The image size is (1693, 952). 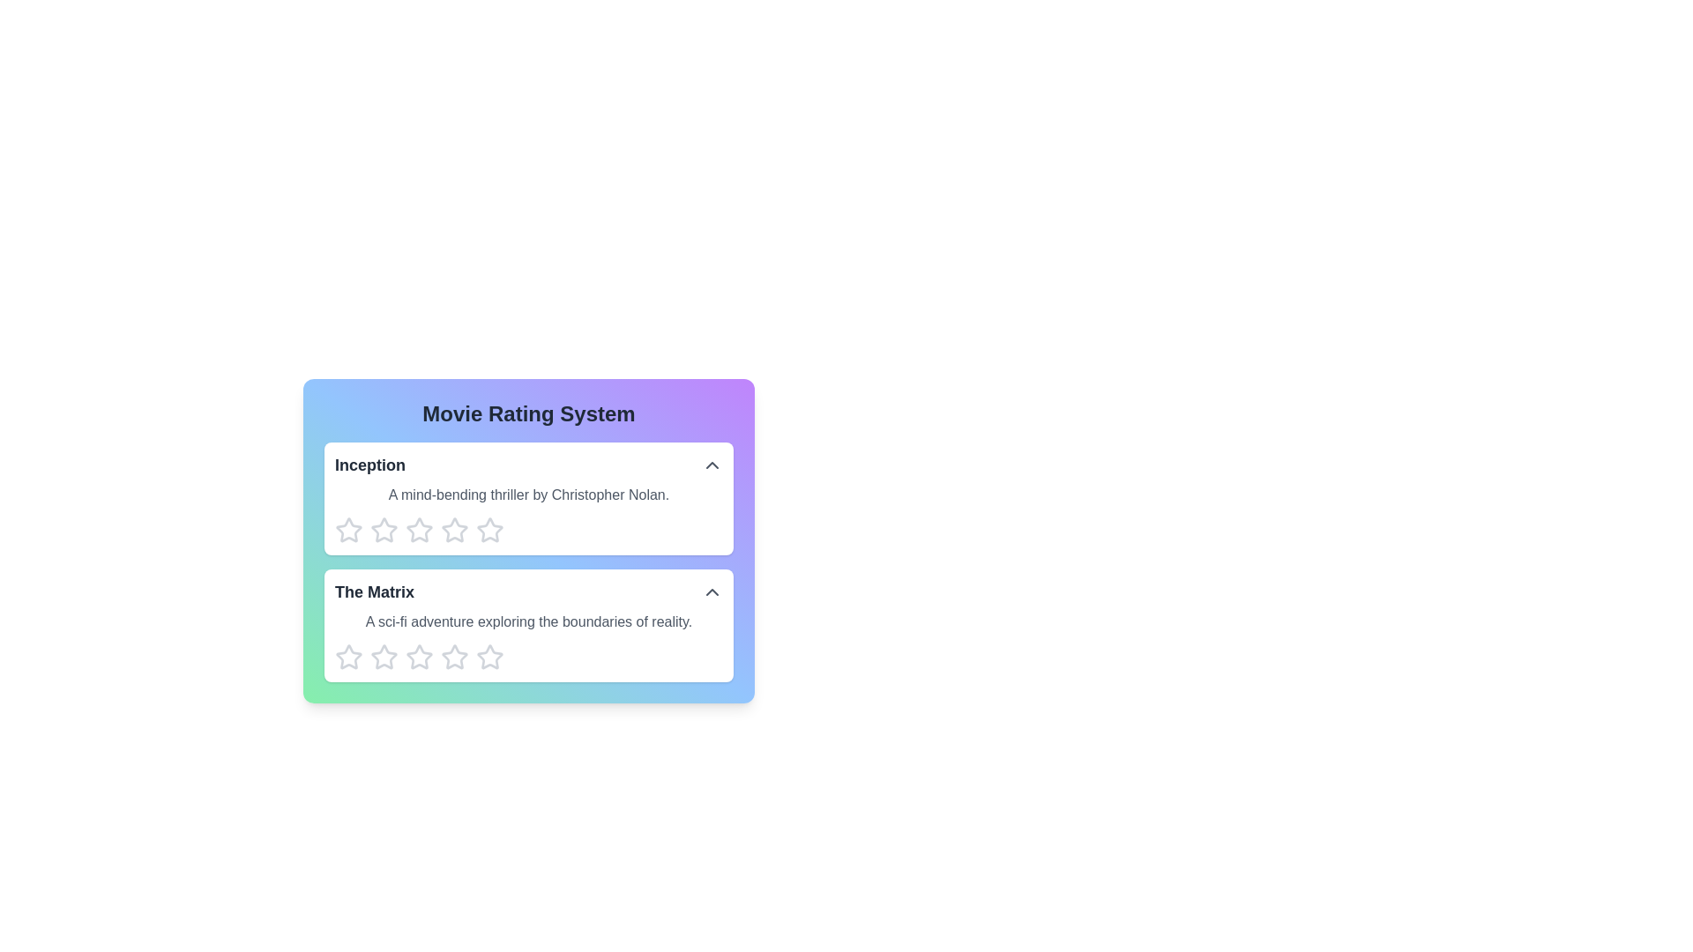 I want to click on the fourth star icon in the rating system for 'The Matrix', so click(x=490, y=657).